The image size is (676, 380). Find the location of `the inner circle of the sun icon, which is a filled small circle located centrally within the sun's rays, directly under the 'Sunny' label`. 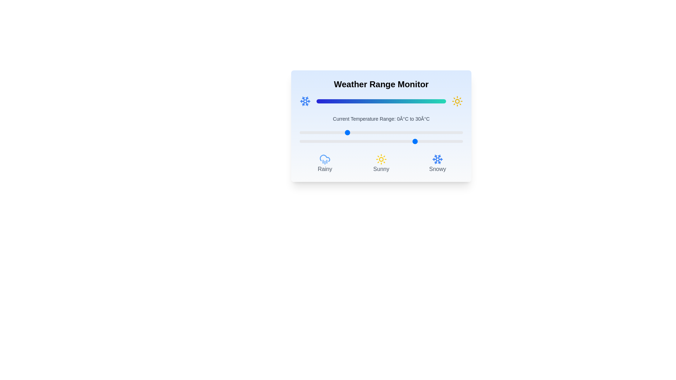

the inner circle of the sun icon, which is a filled small circle located centrally within the sun's rays, directly under the 'Sunny' label is located at coordinates (381, 159).